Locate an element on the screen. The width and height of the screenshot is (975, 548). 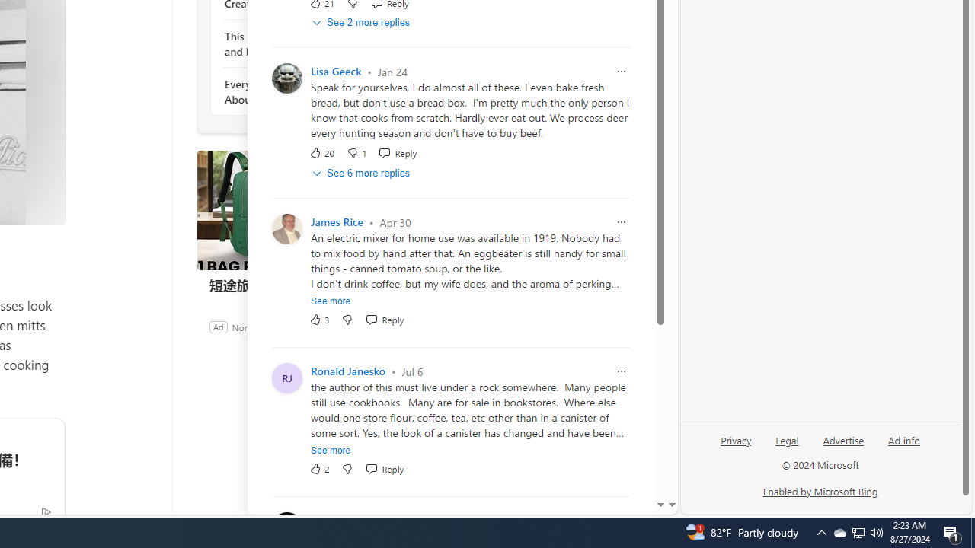
'Reply Reply Comment' is located at coordinates (385, 468).